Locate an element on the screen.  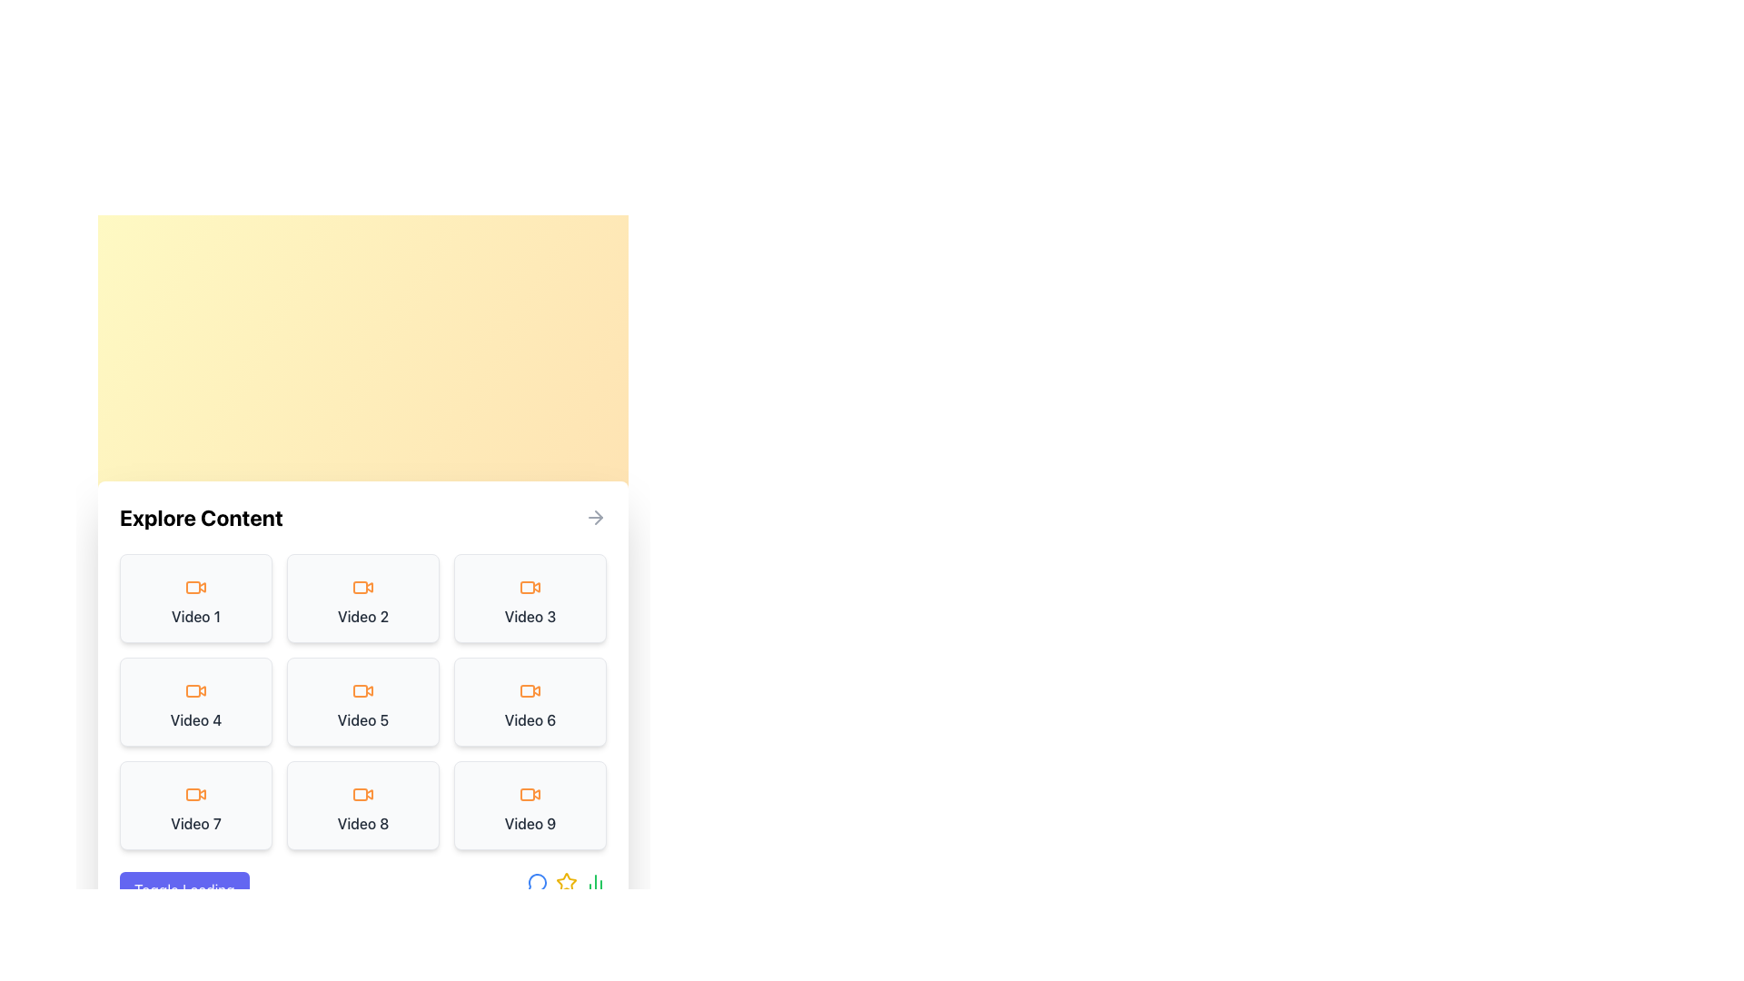
the non-interactive SVG icon that visually indicates a video resource, located in the eighth item of a 3x3 grid layout, centered in the cell labeled 'Video 8' is located at coordinates (369, 793).